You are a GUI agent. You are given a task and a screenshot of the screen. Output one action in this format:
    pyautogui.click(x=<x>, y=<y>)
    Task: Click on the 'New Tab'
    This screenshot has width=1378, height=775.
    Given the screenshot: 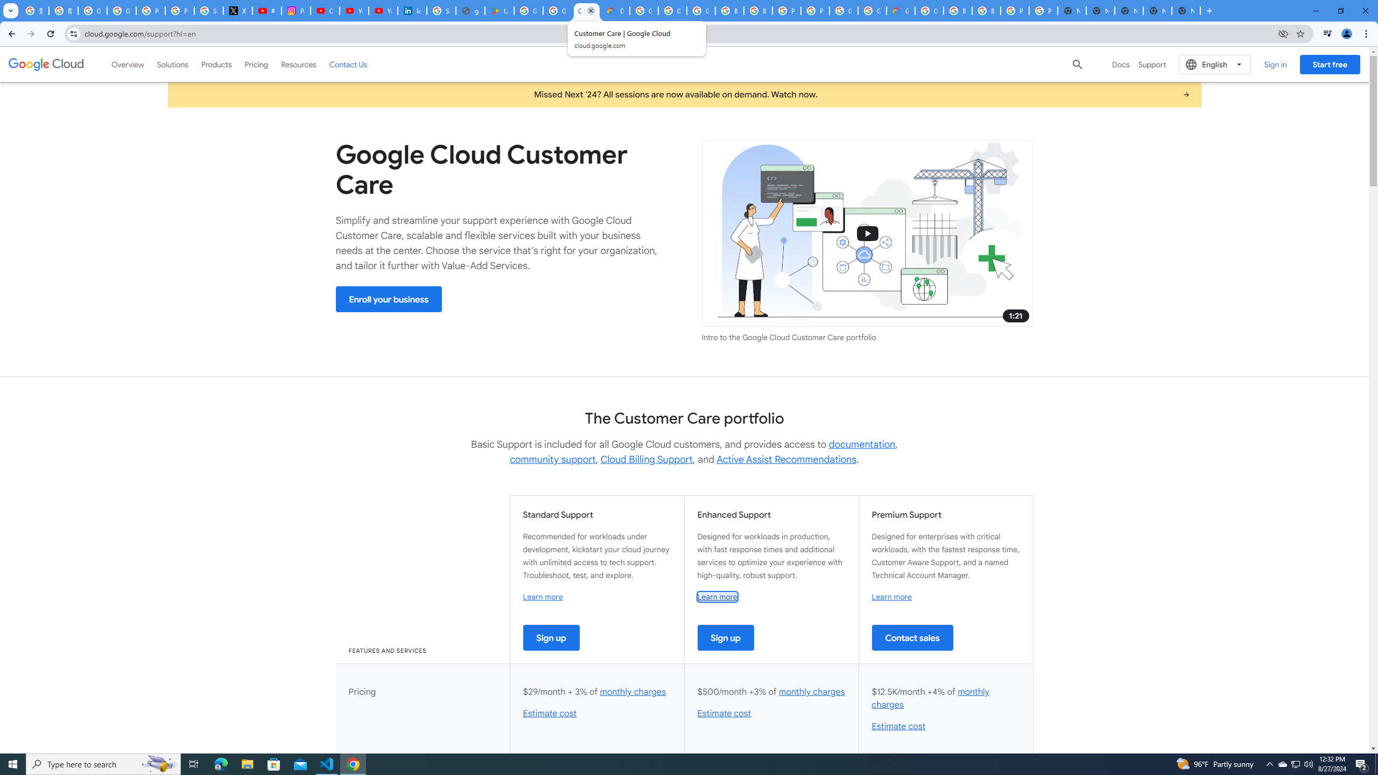 What is the action you would take?
    pyautogui.click(x=1186, y=10)
    